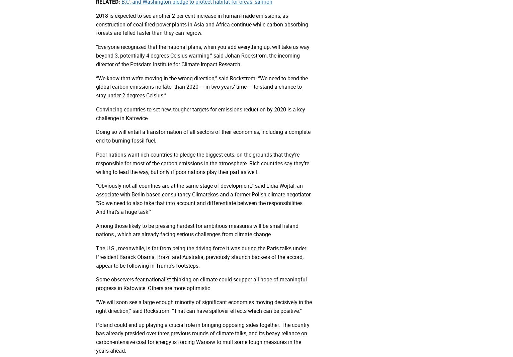 This screenshot has width=513, height=357. Describe the element at coordinates (202, 337) in the screenshot. I see `'Poland could end up playing a crucial role in bringing opposing sides together. The country has already presided over three previous rounds of climate talks, and its heavy reliance on carbon-intensive coal for energy is forcing Warsaw to mull some tough measures in the years ahead.'` at that location.